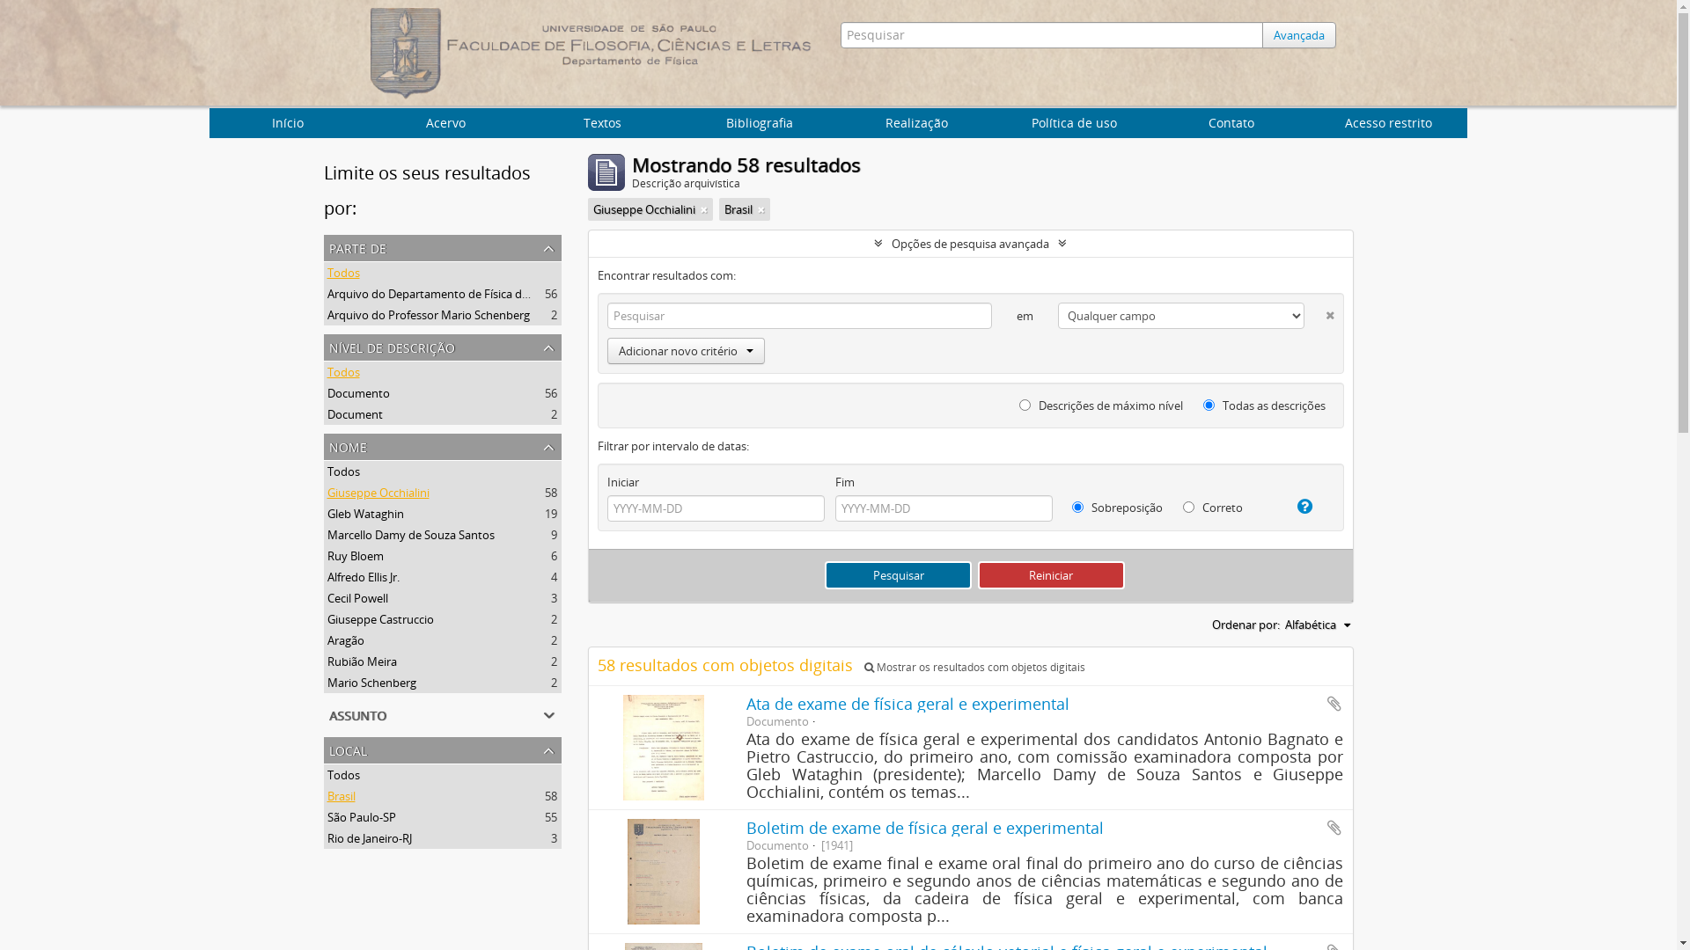 The width and height of the screenshot is (1690, 950). Describe the element at coordinates (445, 121) in the screenshot. I see `'Acervo'` at that location.